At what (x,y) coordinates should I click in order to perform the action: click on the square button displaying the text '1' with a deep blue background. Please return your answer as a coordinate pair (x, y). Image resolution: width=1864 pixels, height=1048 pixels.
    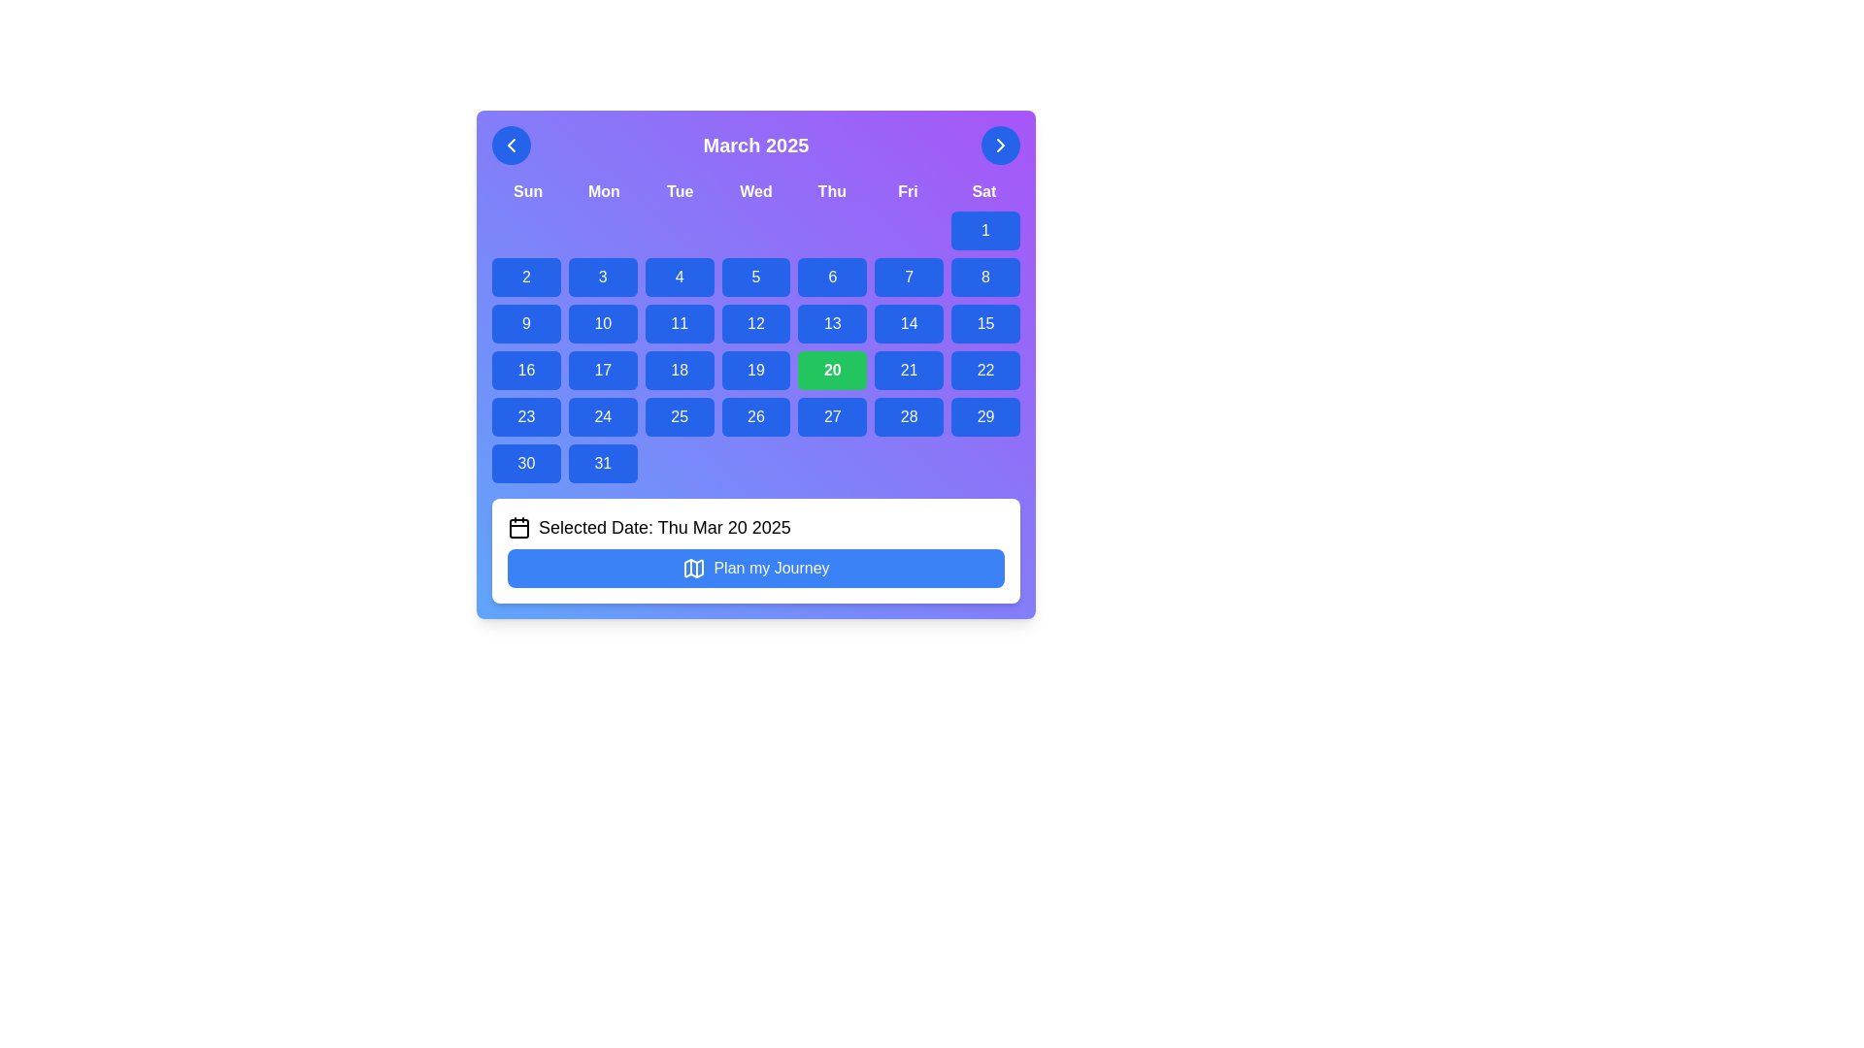
    Looking at the image, I should click on (985, 230).